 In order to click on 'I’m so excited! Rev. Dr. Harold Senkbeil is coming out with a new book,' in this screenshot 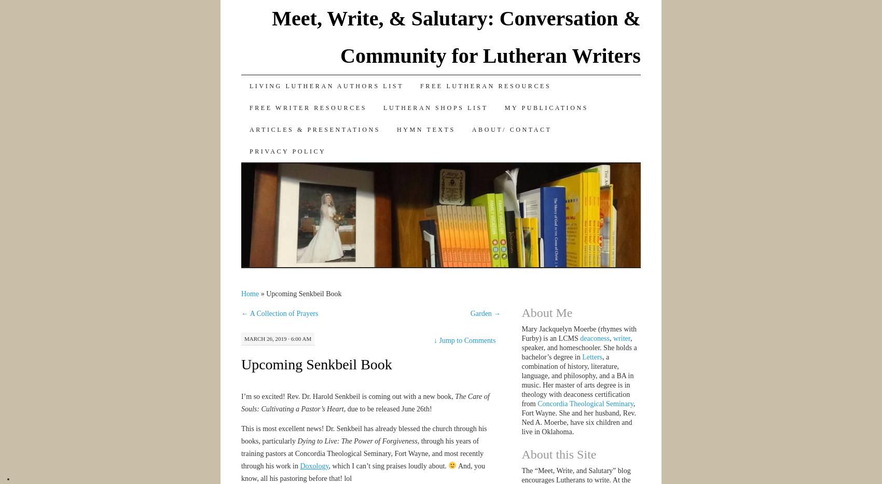, I will do `click(348, 395)`.